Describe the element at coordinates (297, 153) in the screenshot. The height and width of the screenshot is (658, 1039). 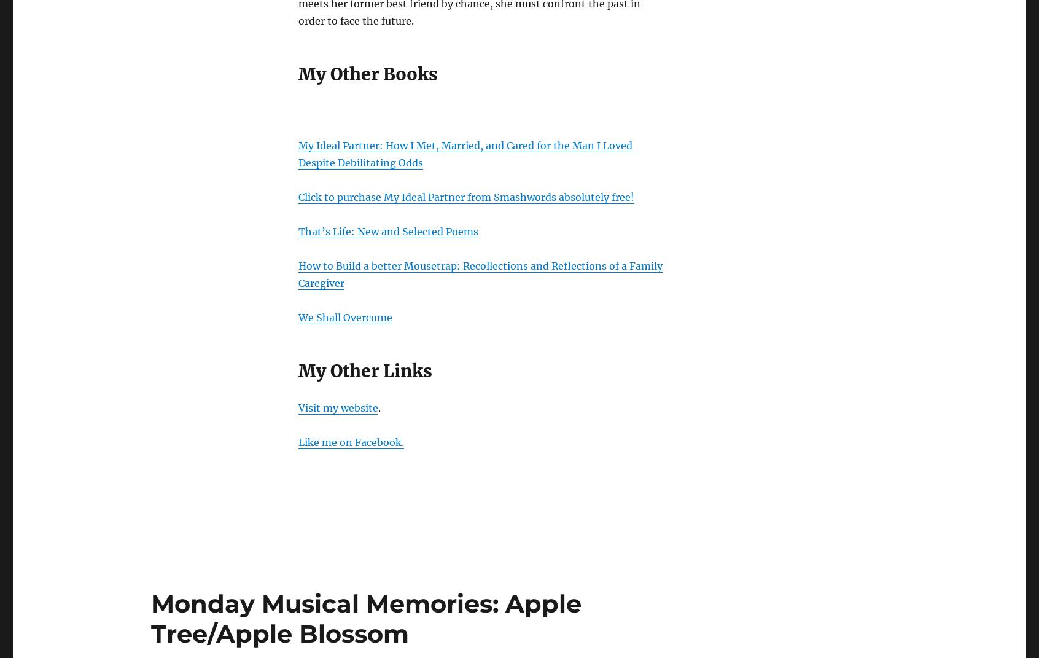
I see `'My Ideal Partner: How I Met, Married, and Cared for the Man I Loved Despite Debilitating Odds'` at that location.